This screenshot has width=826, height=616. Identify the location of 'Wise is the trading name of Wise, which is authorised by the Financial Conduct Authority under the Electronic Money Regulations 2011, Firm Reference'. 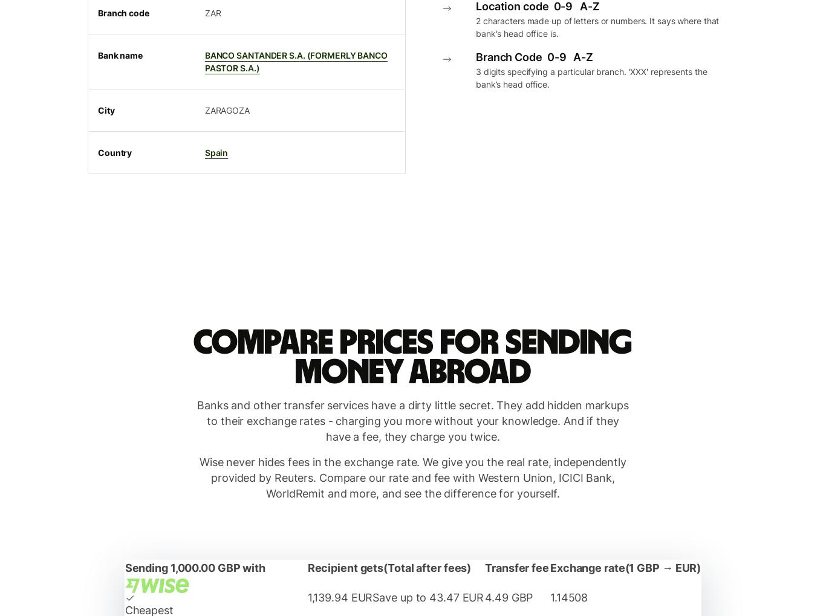
(412, 211).